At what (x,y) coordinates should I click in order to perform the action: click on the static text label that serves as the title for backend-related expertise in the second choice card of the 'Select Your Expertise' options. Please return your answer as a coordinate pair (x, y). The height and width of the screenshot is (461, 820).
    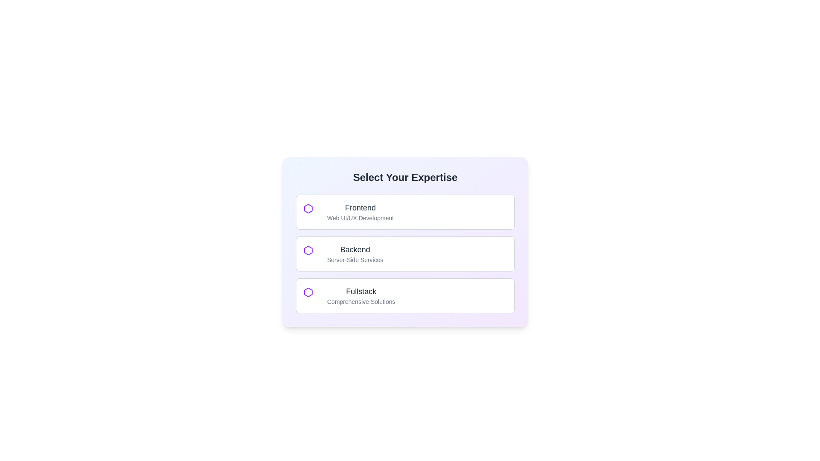
    Looking at the image, I should click on (355, 250).